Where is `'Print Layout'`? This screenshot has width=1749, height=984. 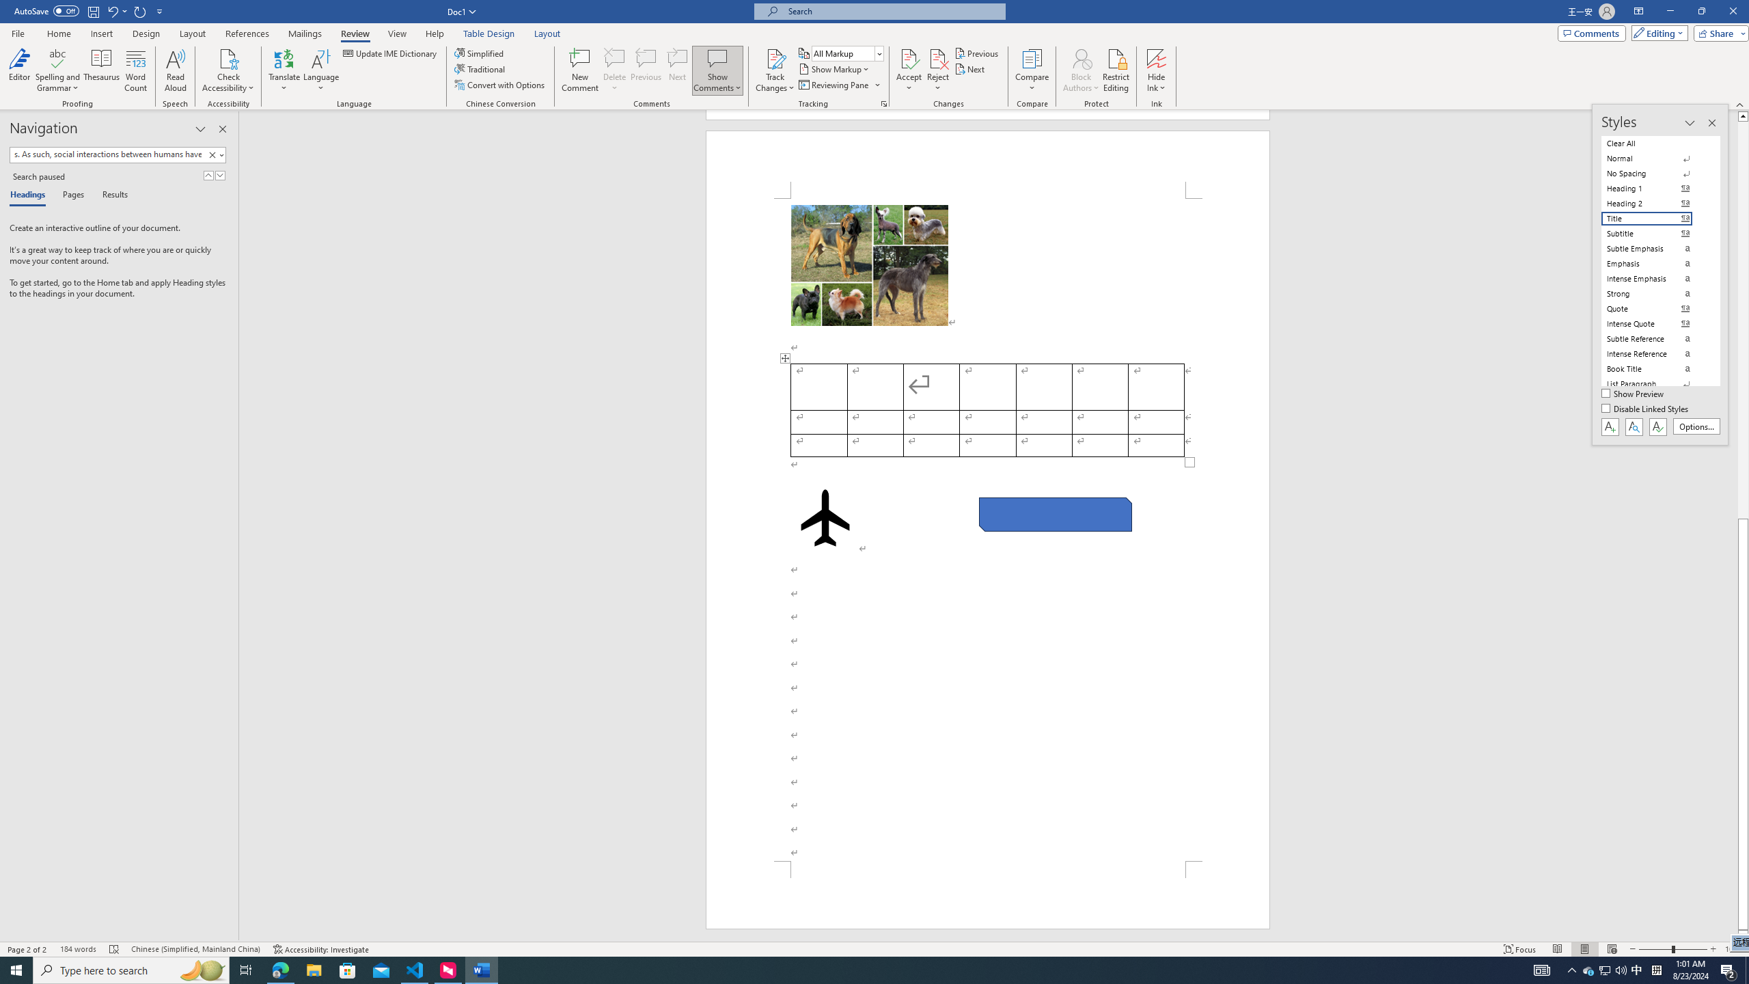
'Print Layout' is located at coordinates (1584, 949).